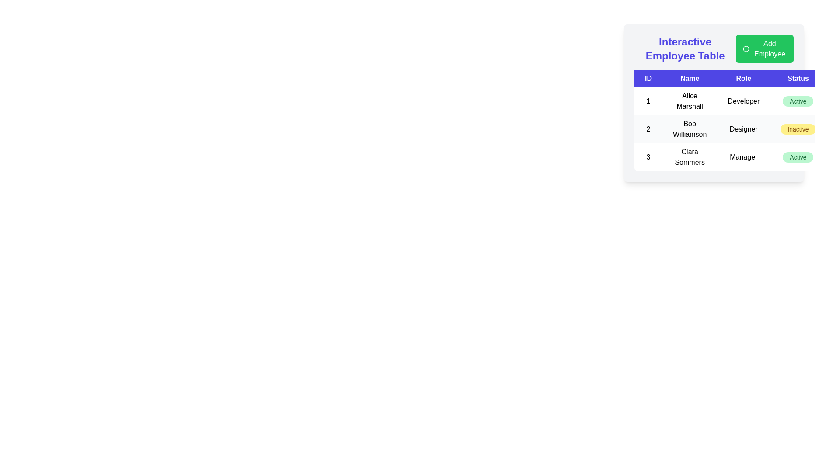 The height and width of the screenshot is (472, 840). What do you see at coordinates (745, 49) in the screenshot?
I see `the circle element of the plus icon within the 'Add Employee' button located at the top-right corner of the interactive table interface` at bounding box center [745, 49].